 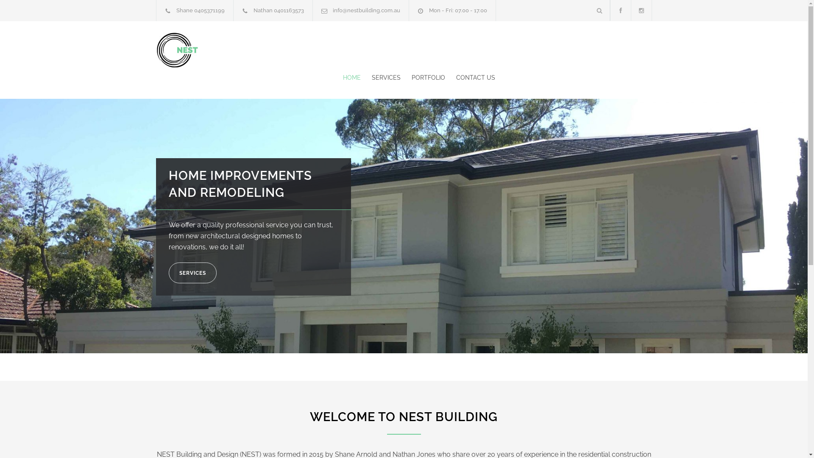 What do you see at coordinates (192, 273) in the screenshot?
I see `'SERVICES'` at bounding box center [192, 273].